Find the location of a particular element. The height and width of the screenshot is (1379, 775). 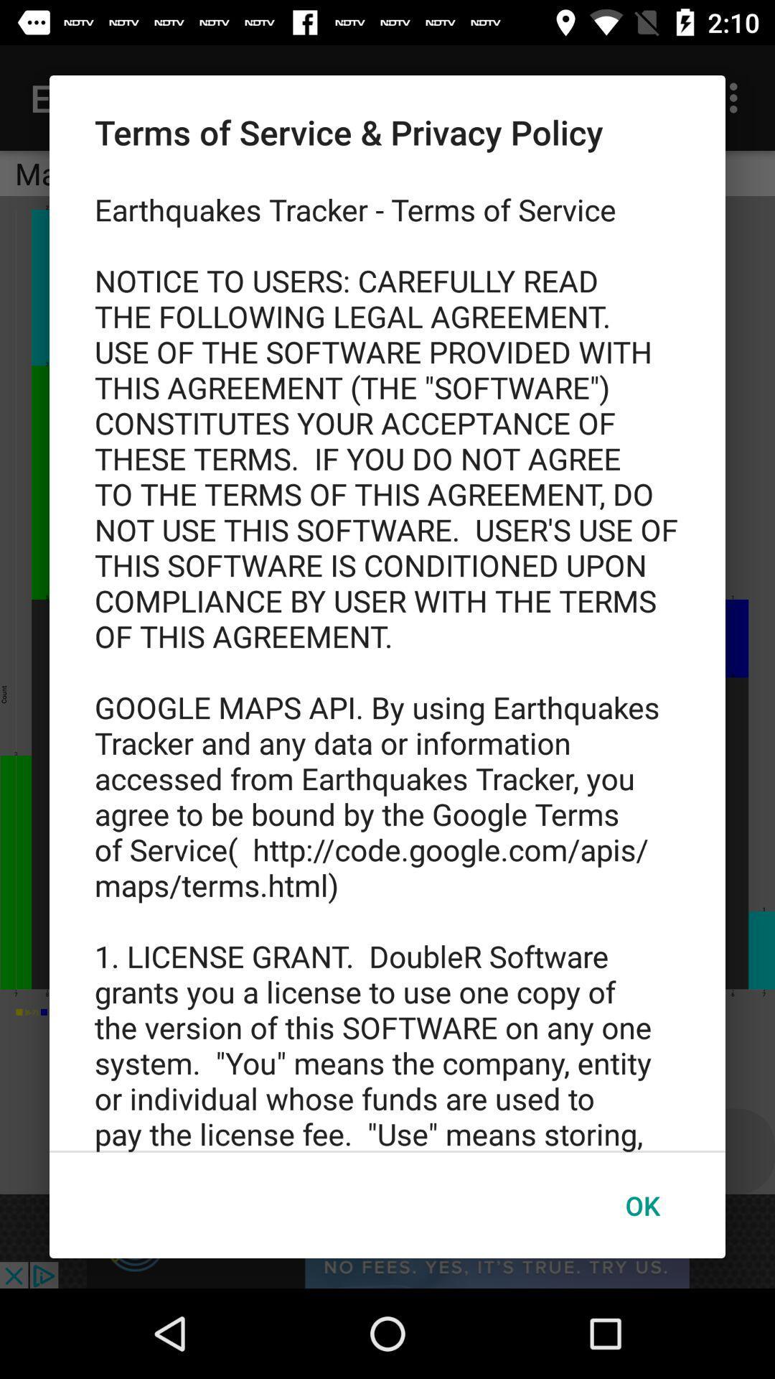

icon at the bottom right corner is located at coordinates (642, 1205).